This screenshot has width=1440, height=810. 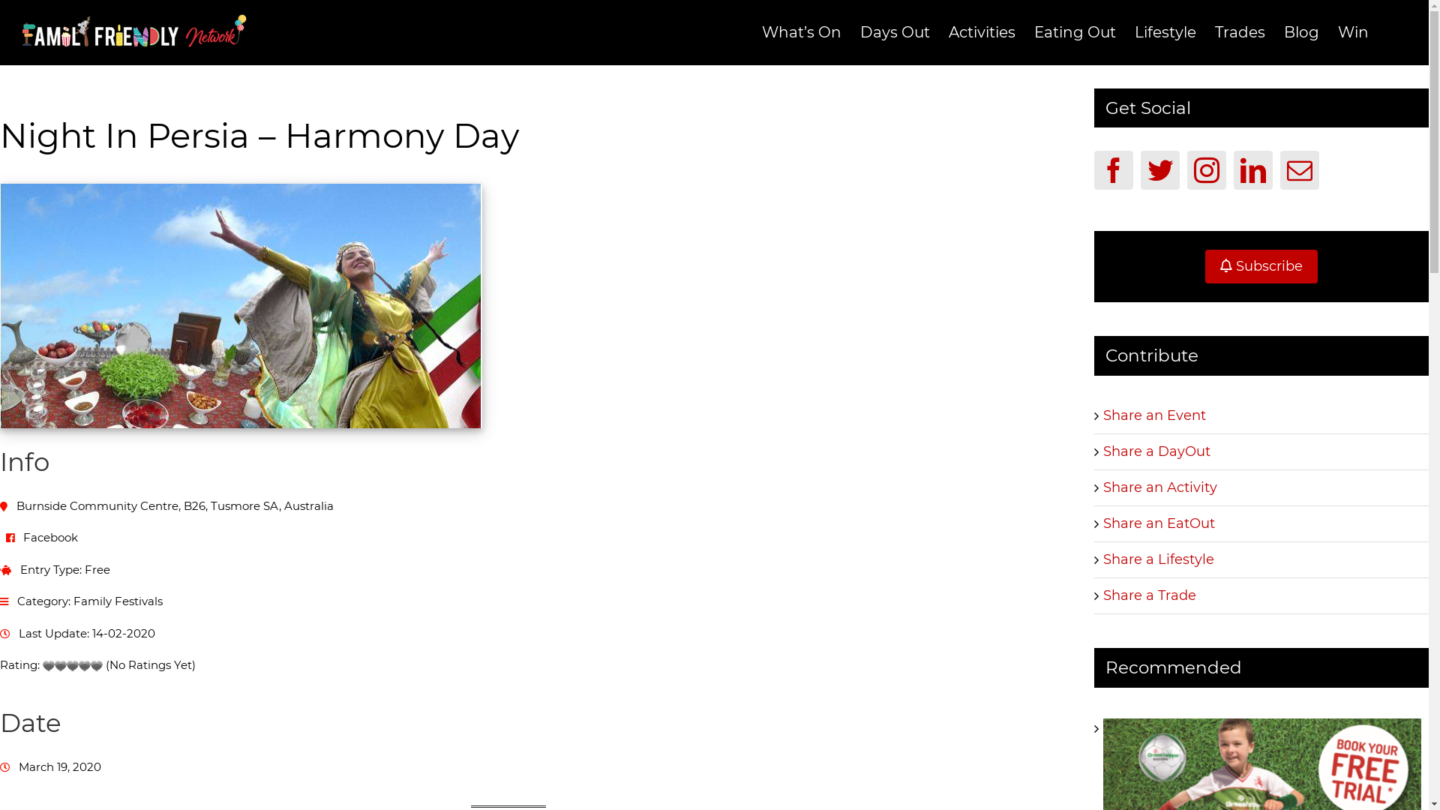 What do you see at coordinates (50, 536) in the screenshot?
I see `'Facebook'` at bounding box center [50, 536].